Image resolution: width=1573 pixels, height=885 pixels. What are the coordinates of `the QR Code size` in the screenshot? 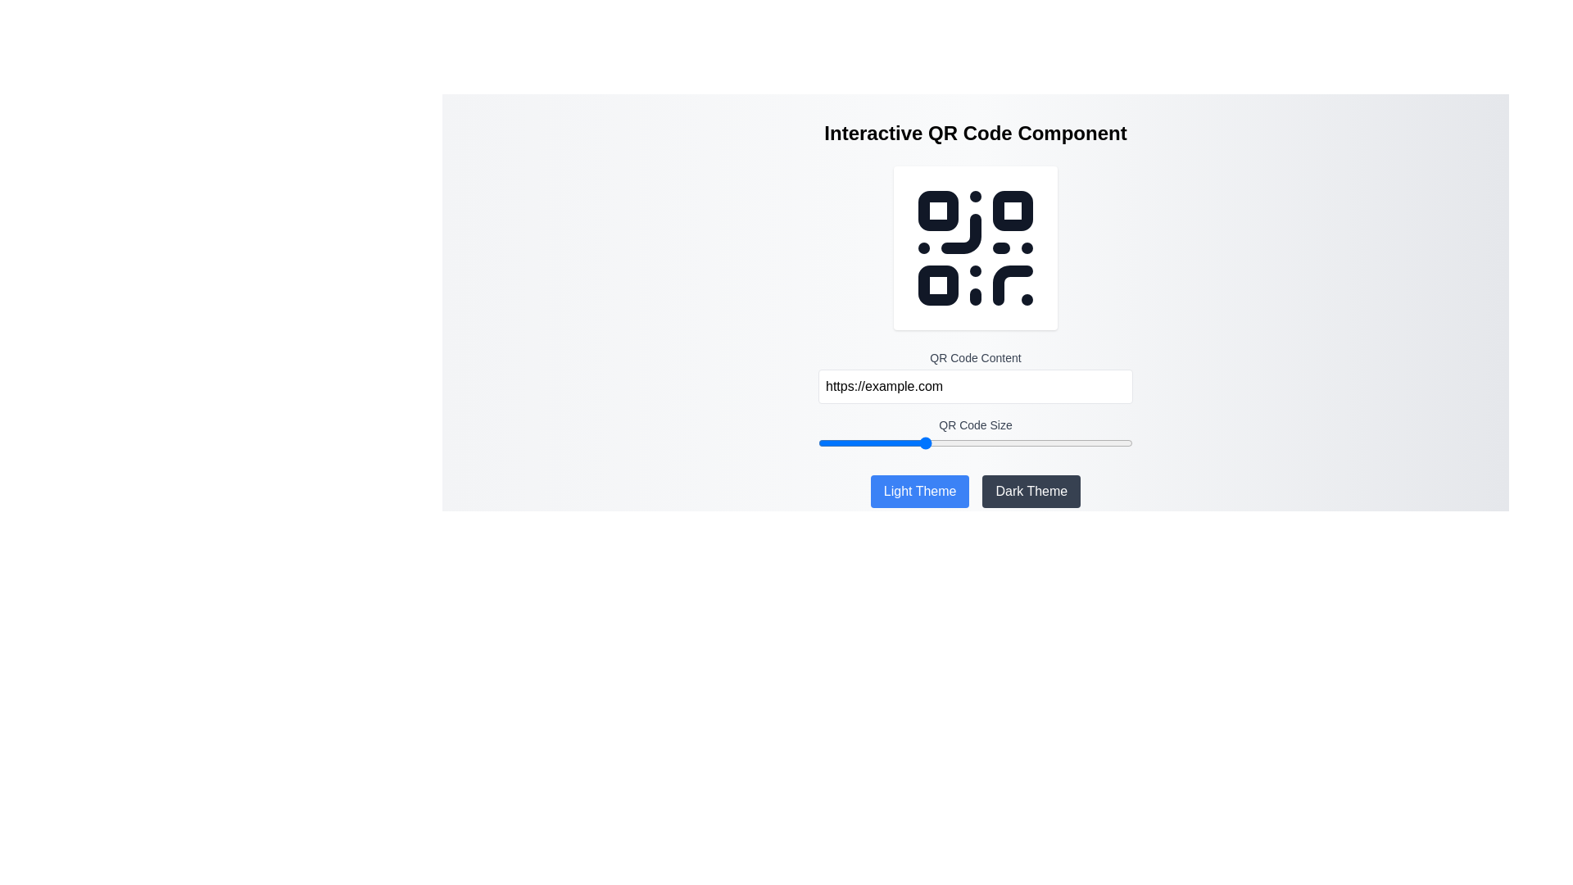 It's located at (966, 442).